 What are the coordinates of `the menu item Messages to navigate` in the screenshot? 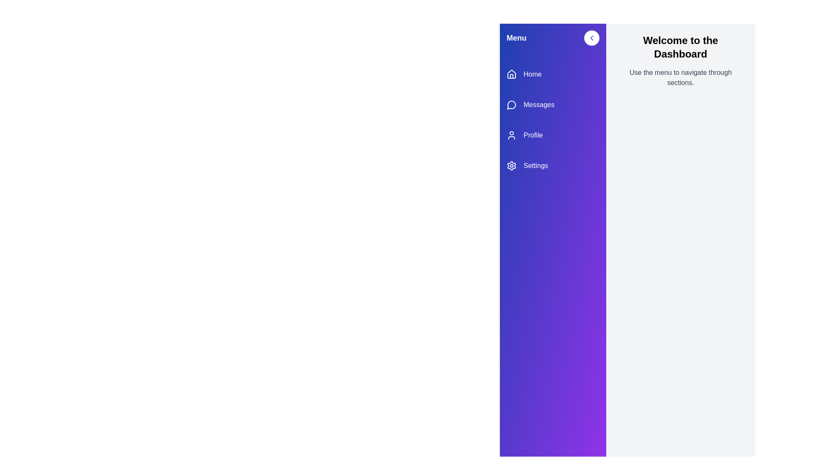 It's located at (553, 104).